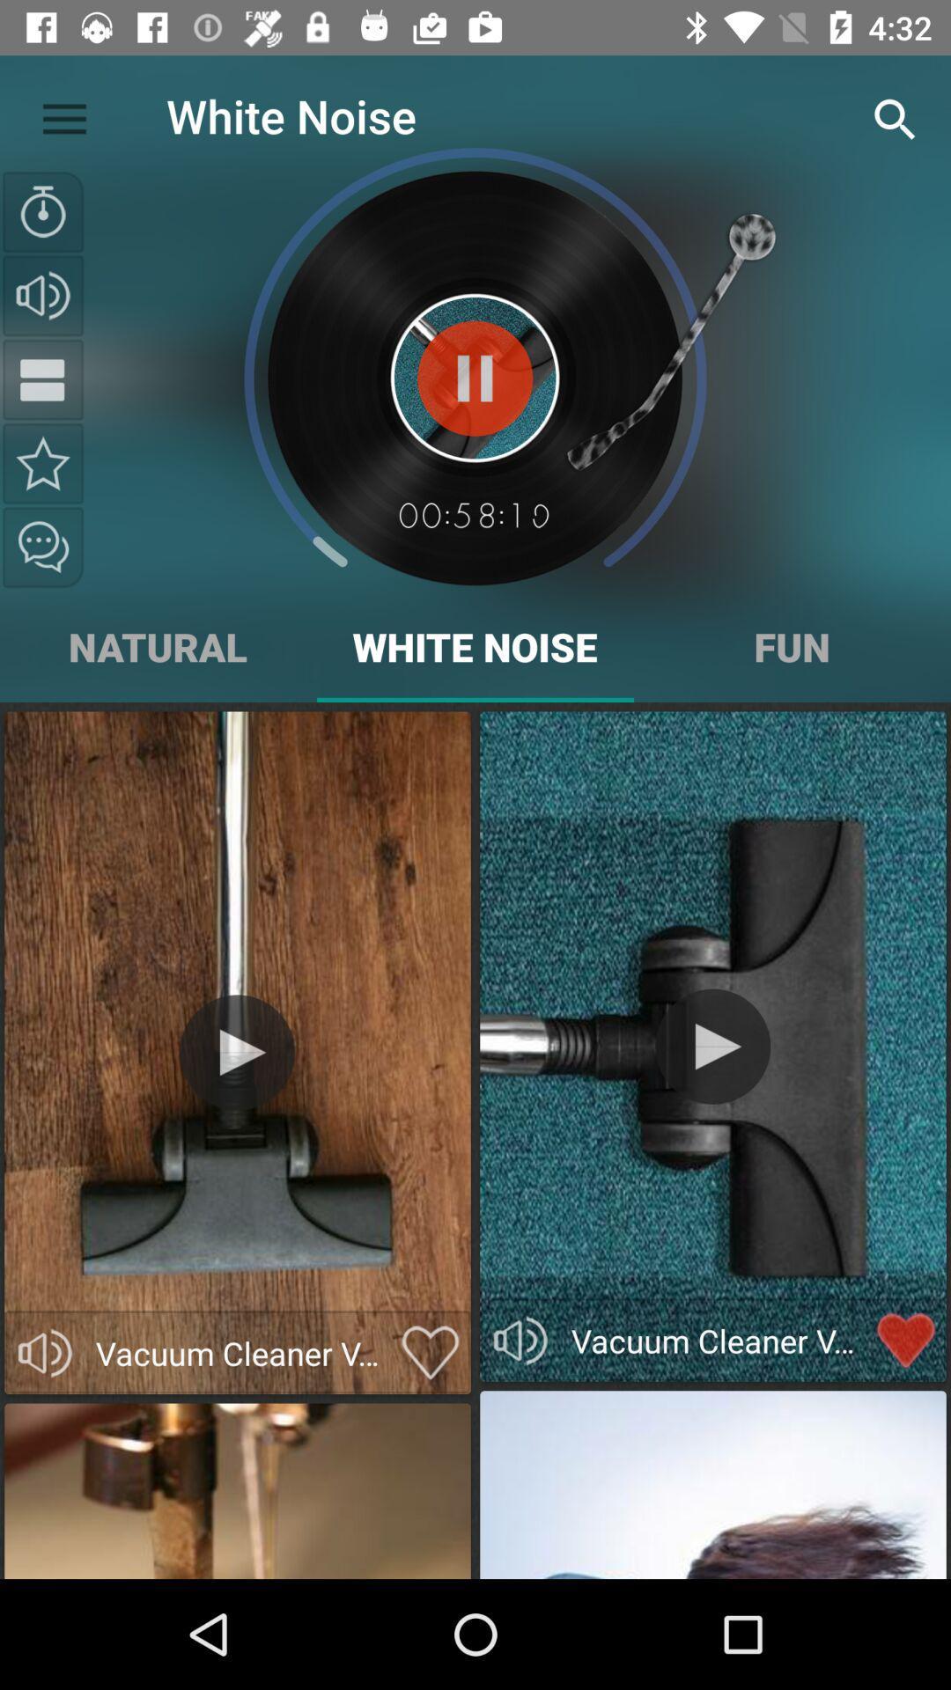 Image resolution: width=951 pixels, height=1690 pixels. I want to click on timer, so click(42, 211).